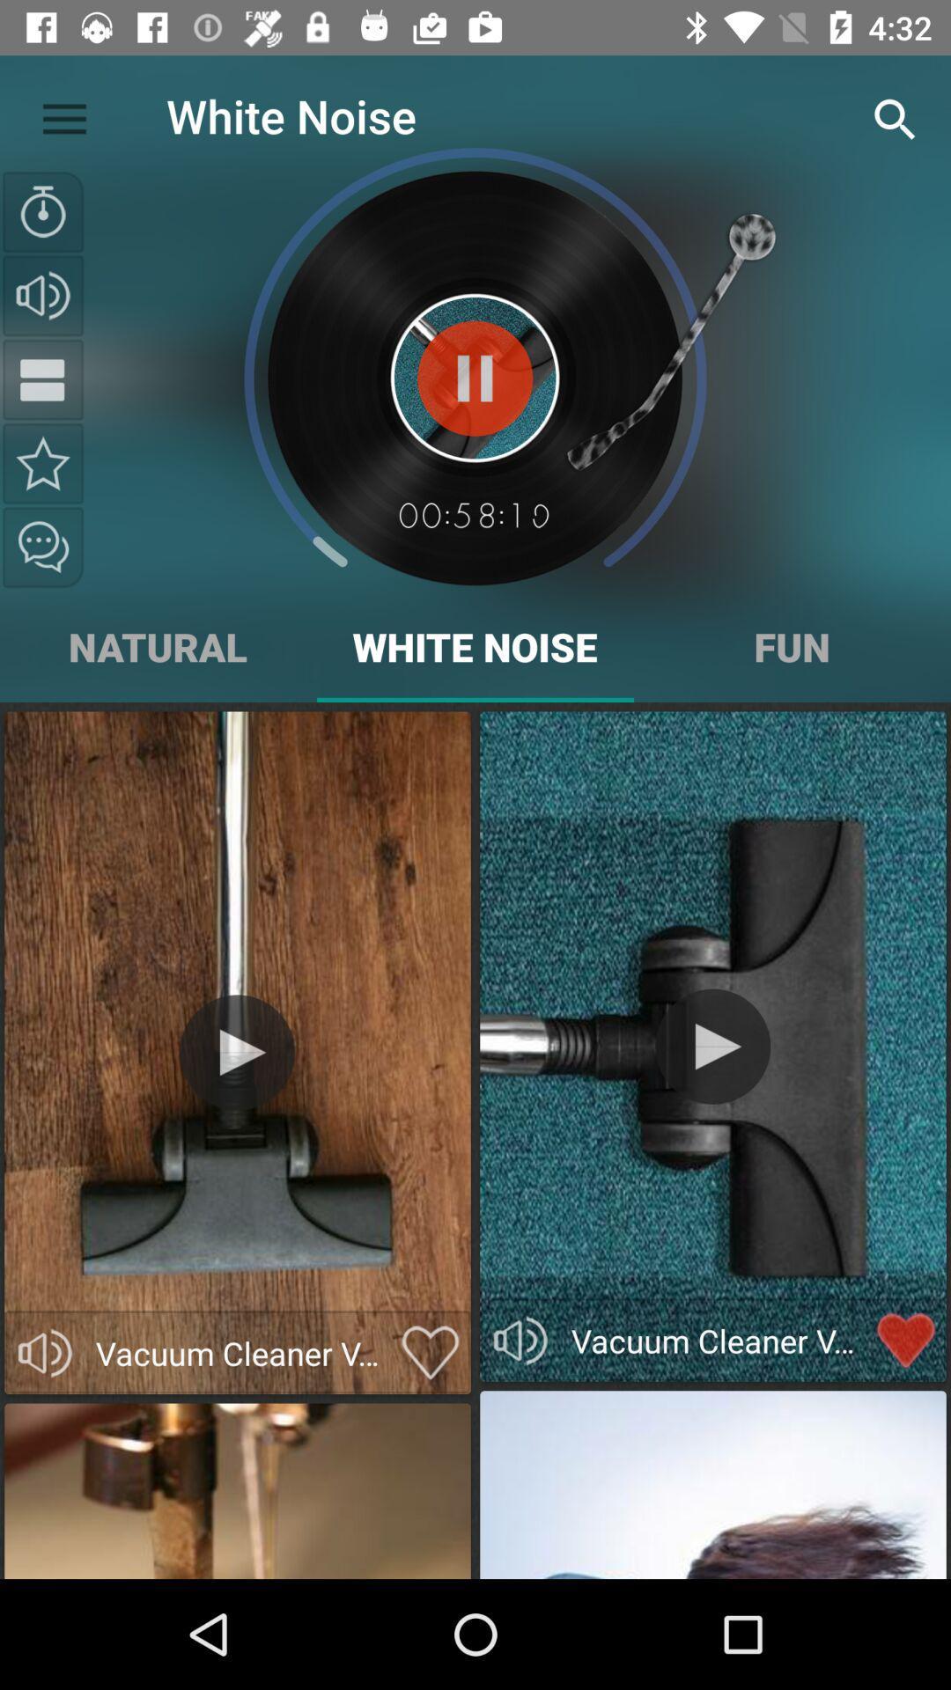 Image resolution: width=951 pixels, height=1690 pixels. I want to click on timer, so click(42, 211).